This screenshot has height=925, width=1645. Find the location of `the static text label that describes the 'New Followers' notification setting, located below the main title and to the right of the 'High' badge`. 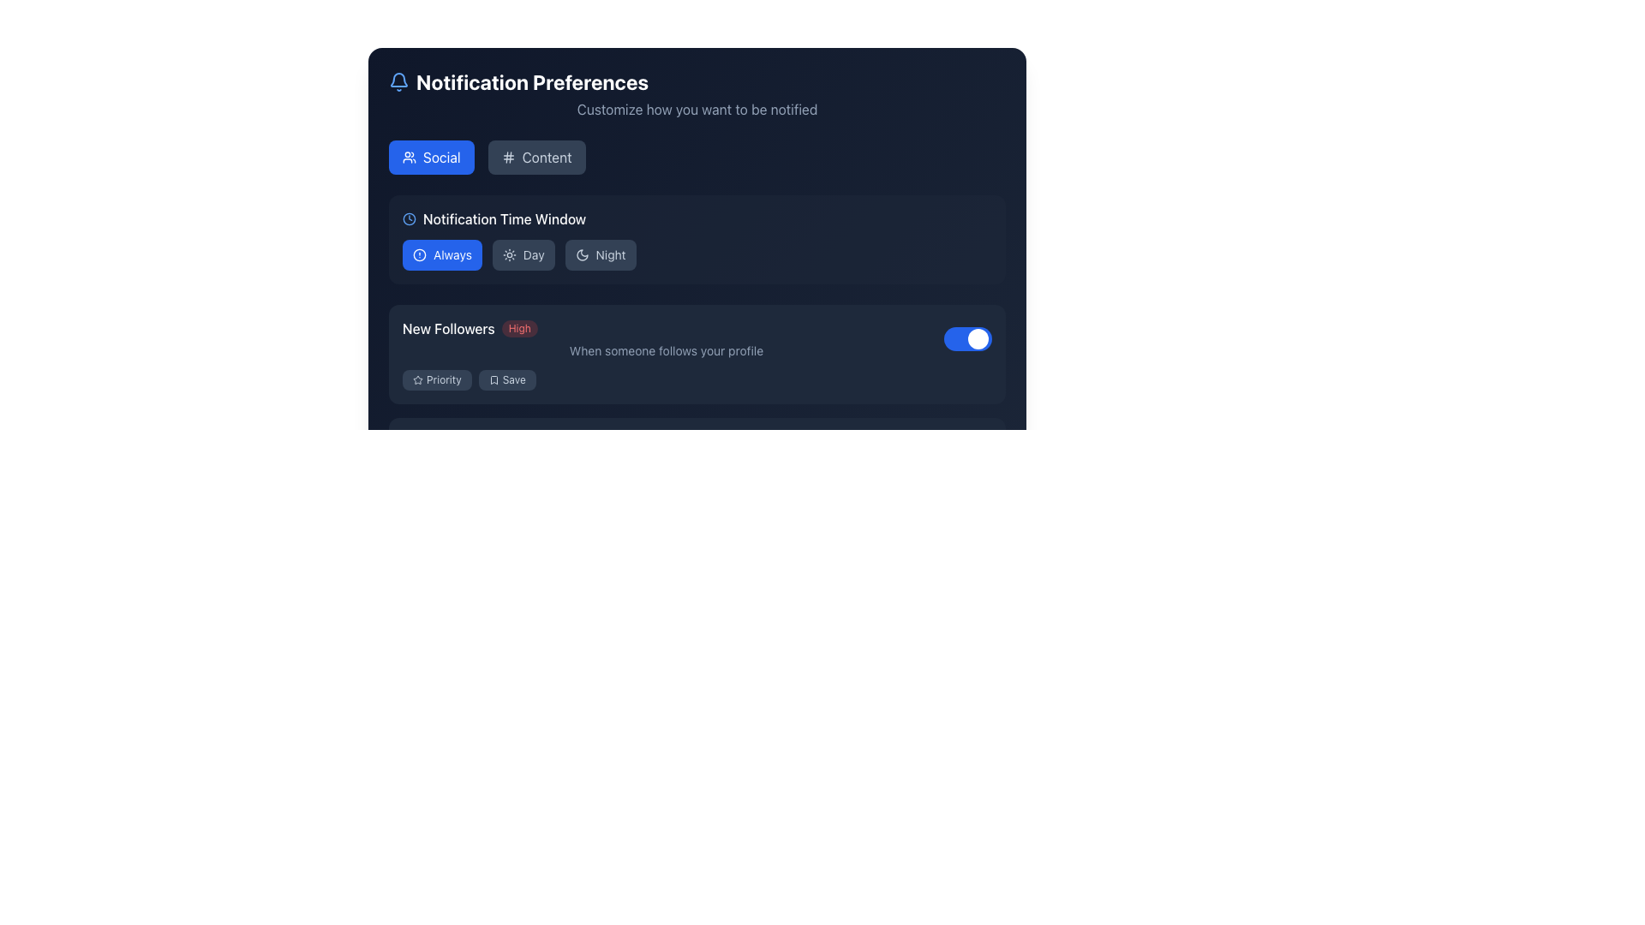

the static text label that describes the 'New Followers' notification setting, located below the main title and to the right of the 'High' badge is located at coordinates (665, 349).